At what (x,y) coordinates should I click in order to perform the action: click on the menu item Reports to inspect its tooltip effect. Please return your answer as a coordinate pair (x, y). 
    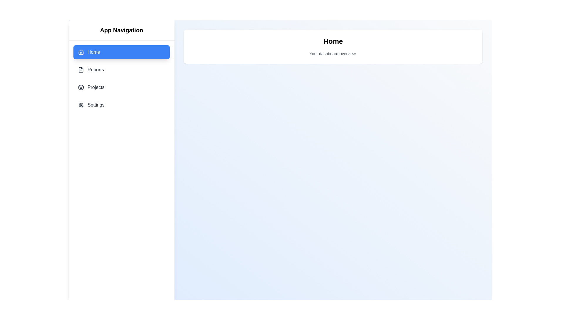
    Looking at the image, I should click on (121, 70).